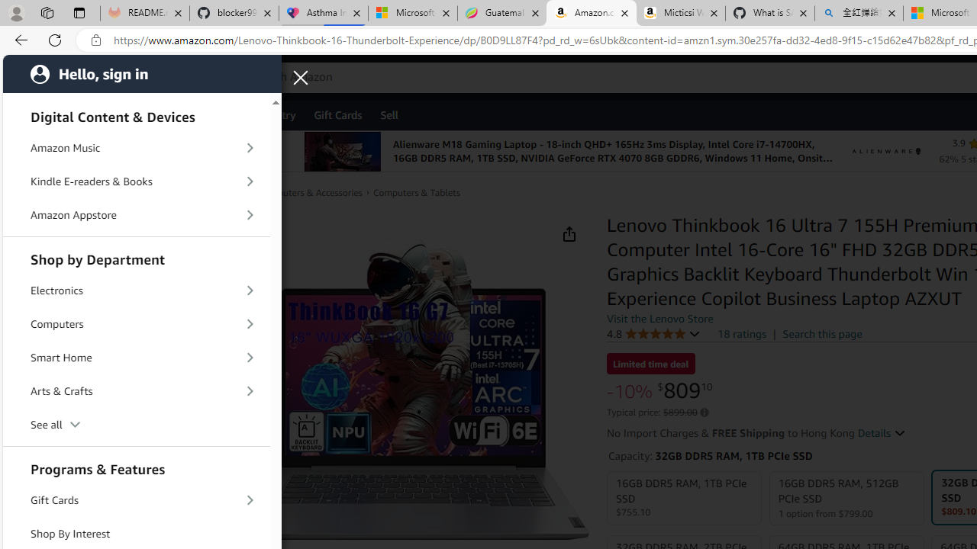 The width and height of the screenshot is (977, 549). What do you see at coordinates (703, 413) in the screenshot?
I see `'Learn more about Amazon pricing and savings'` at bounding box center [703, 413].